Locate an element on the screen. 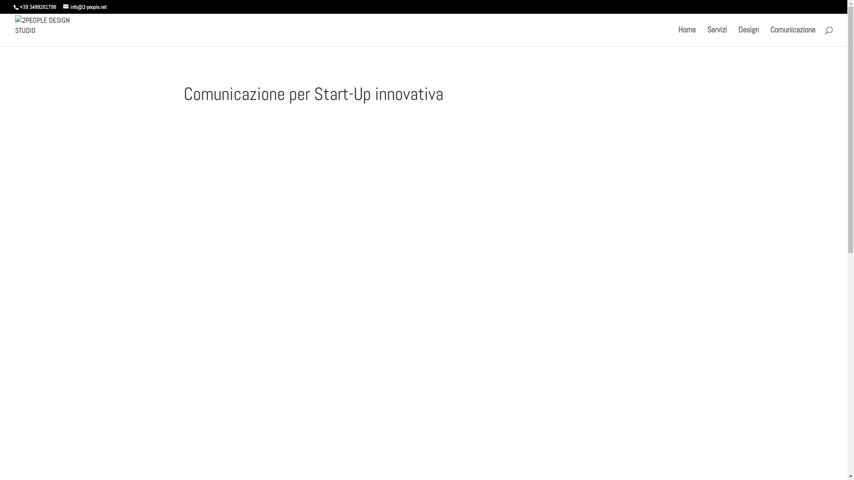 The width and height of the screenshot is (854, 480). 'Design' is located at coordinates (748, 36).